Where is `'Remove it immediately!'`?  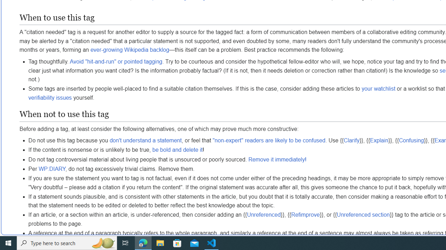
'Remove it immediately!' is located at coordinates (277, 159).